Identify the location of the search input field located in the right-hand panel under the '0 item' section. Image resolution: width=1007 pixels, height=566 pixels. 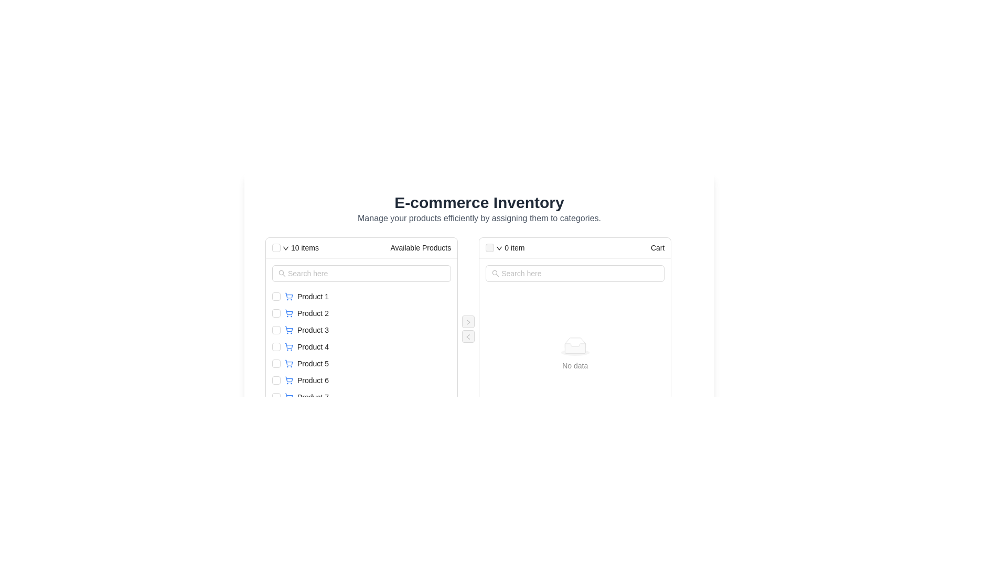
(575, 273).